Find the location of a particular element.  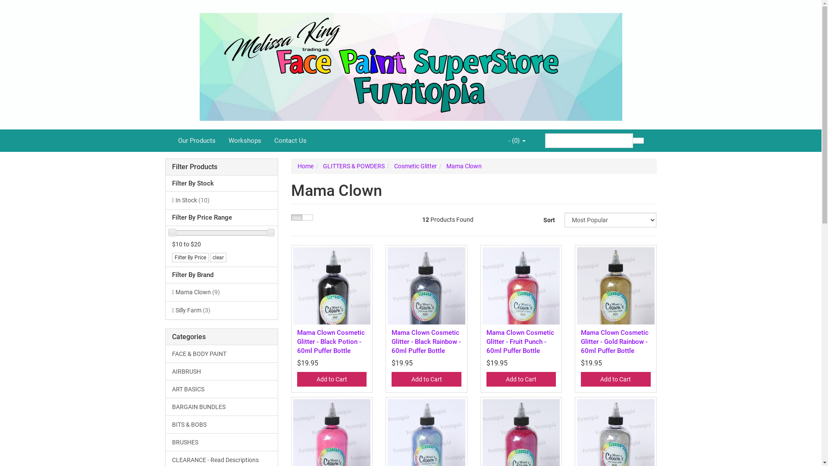

'Mama Clown (9)' is located at coordinates (222, 292).